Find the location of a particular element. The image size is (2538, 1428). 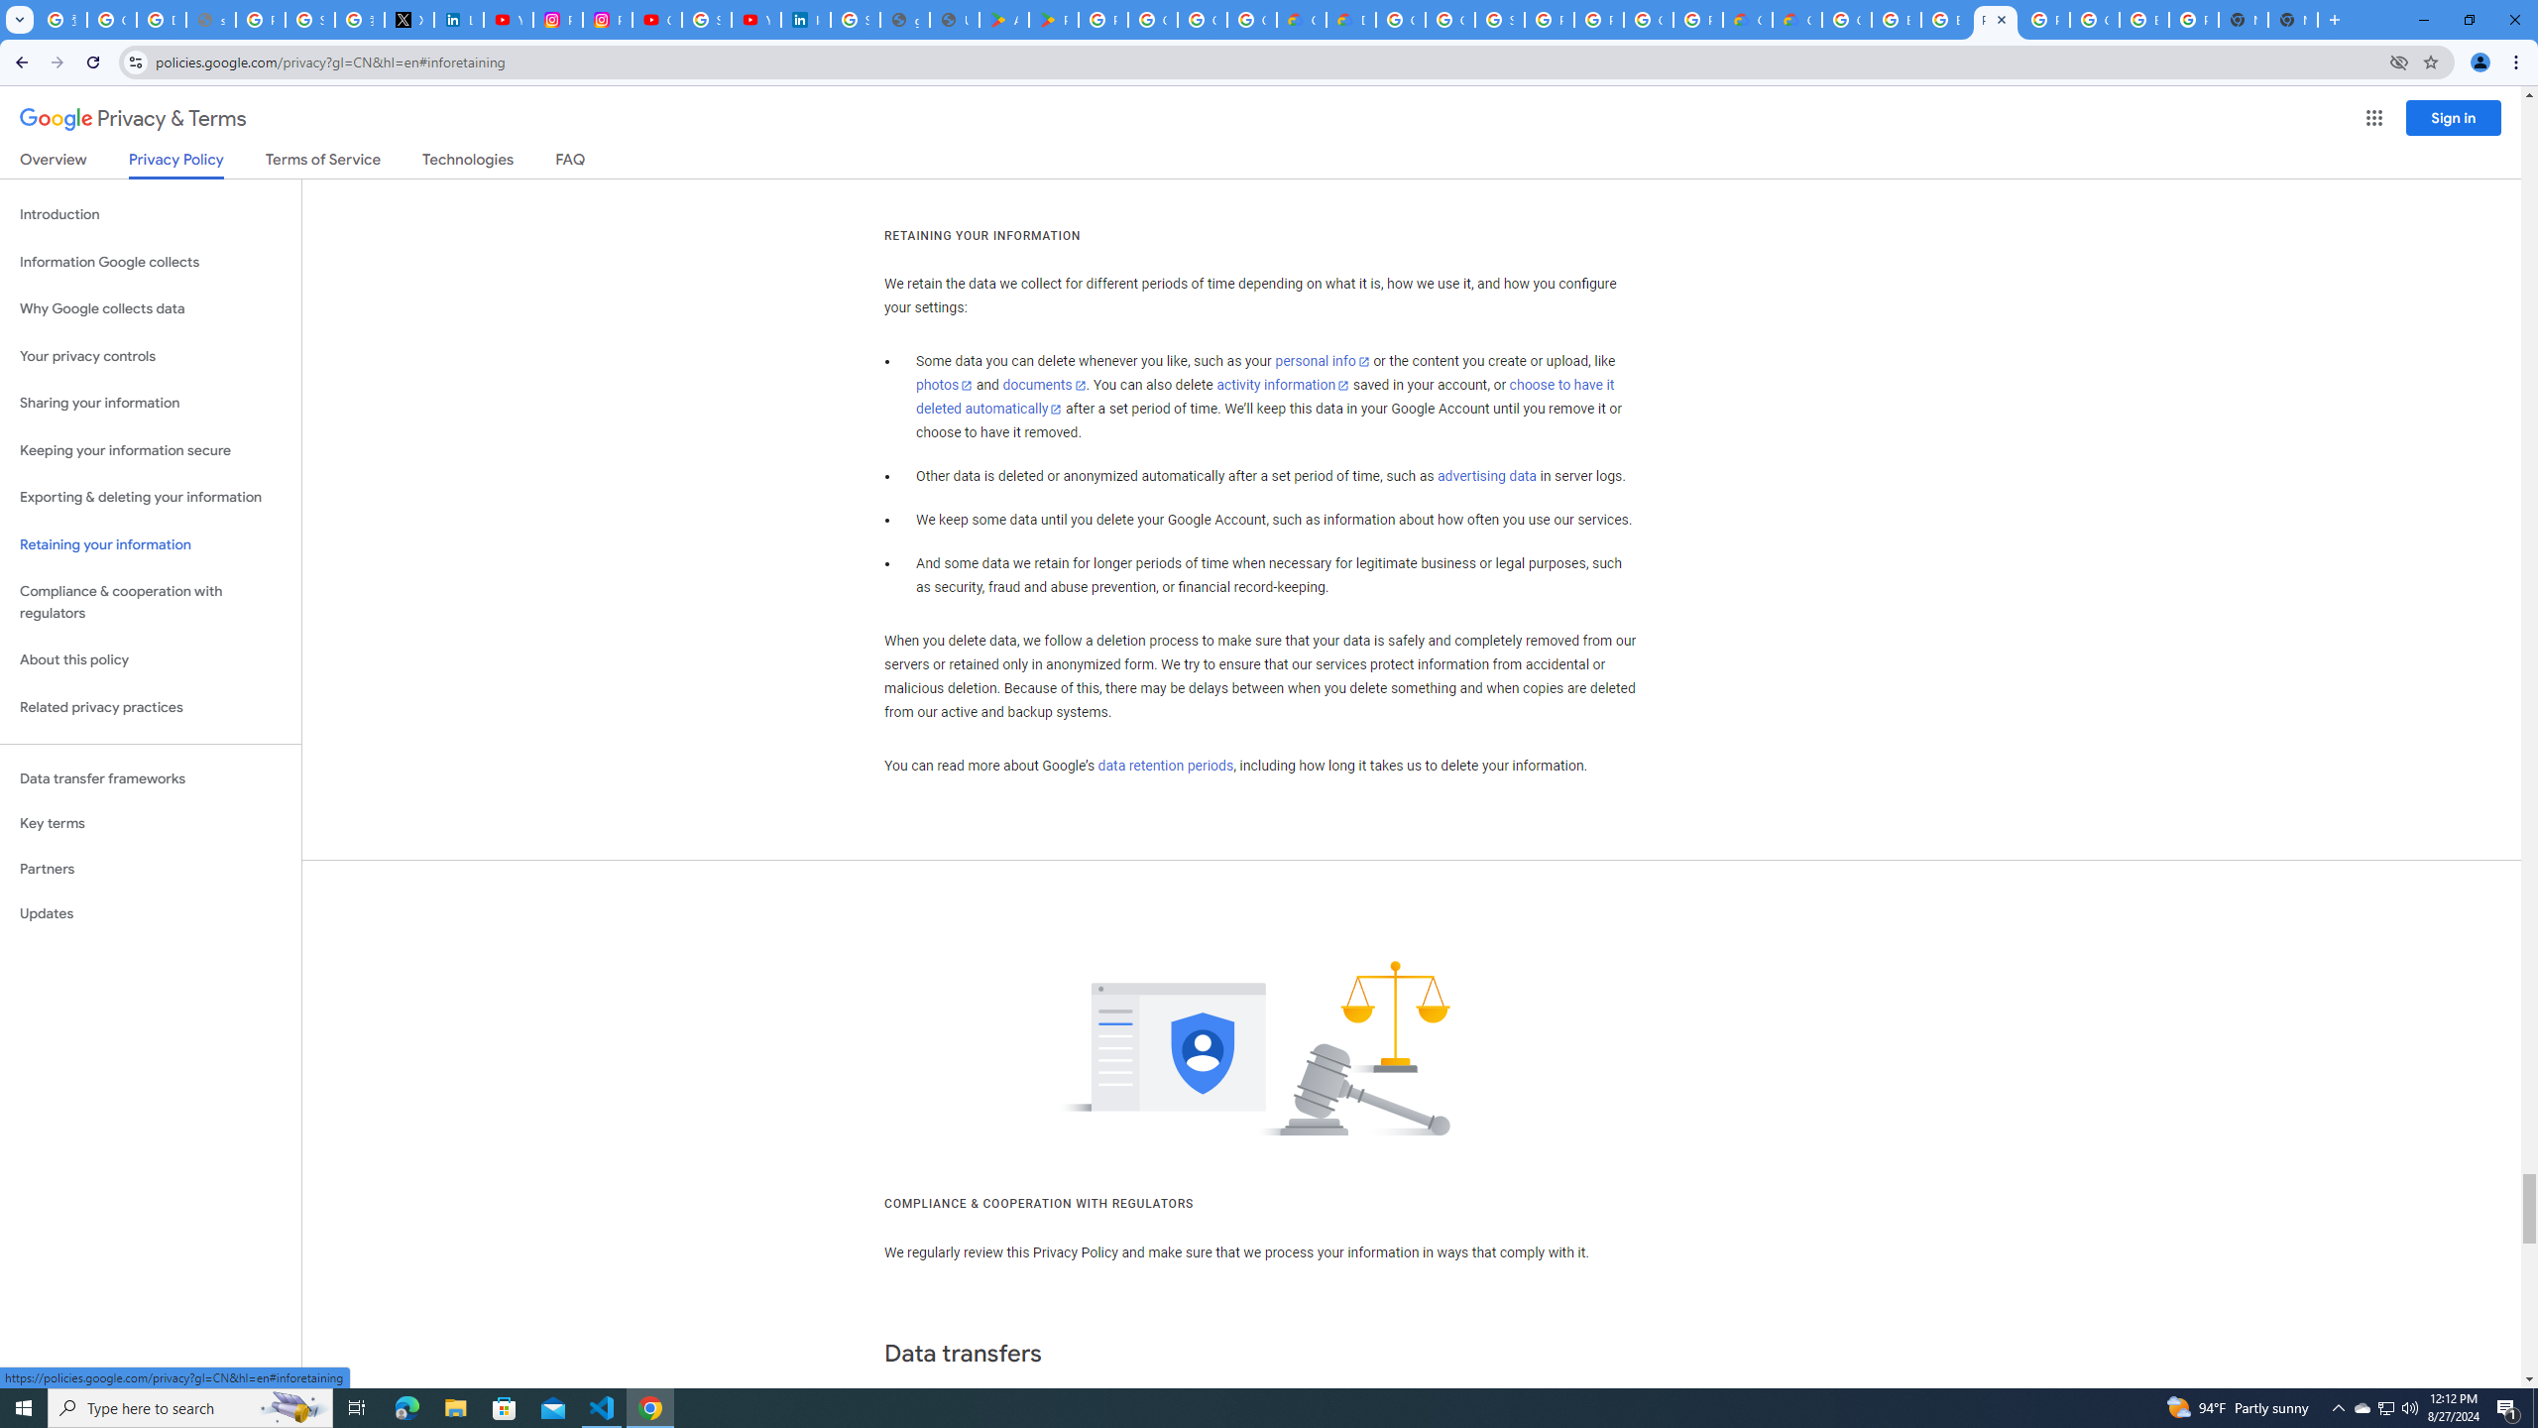

'Customer Care | Google Cloud' is located at coordinates (1746, 19).